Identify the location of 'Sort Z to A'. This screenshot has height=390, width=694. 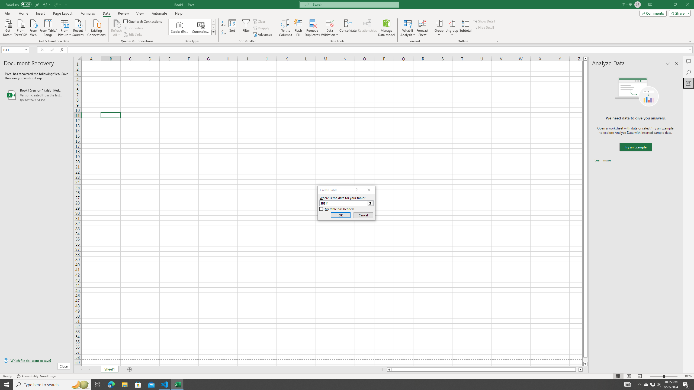
(223, 32).